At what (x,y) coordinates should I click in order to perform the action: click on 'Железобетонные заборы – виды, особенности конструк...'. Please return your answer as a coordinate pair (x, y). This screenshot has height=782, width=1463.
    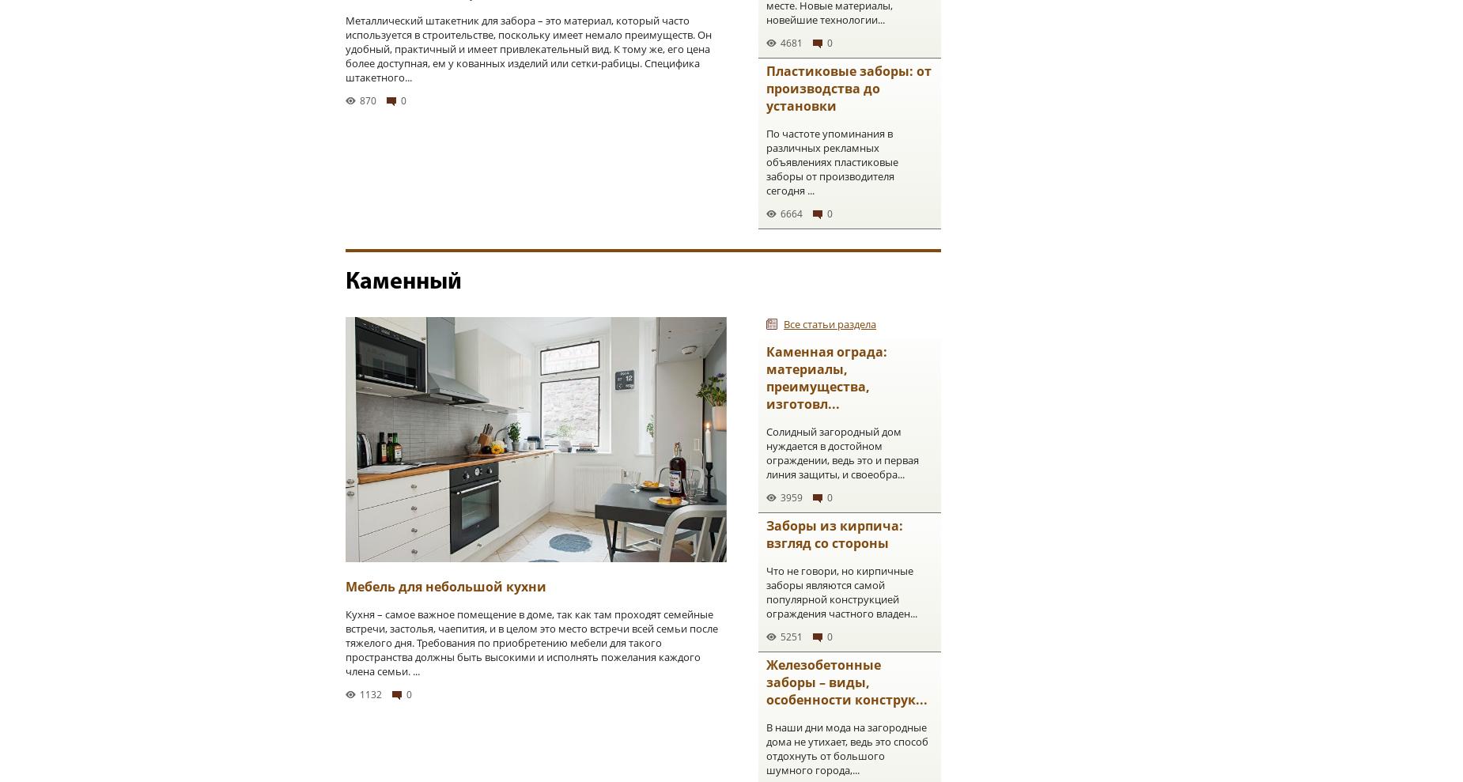
    Looking at the image, I should click on (845, 682).